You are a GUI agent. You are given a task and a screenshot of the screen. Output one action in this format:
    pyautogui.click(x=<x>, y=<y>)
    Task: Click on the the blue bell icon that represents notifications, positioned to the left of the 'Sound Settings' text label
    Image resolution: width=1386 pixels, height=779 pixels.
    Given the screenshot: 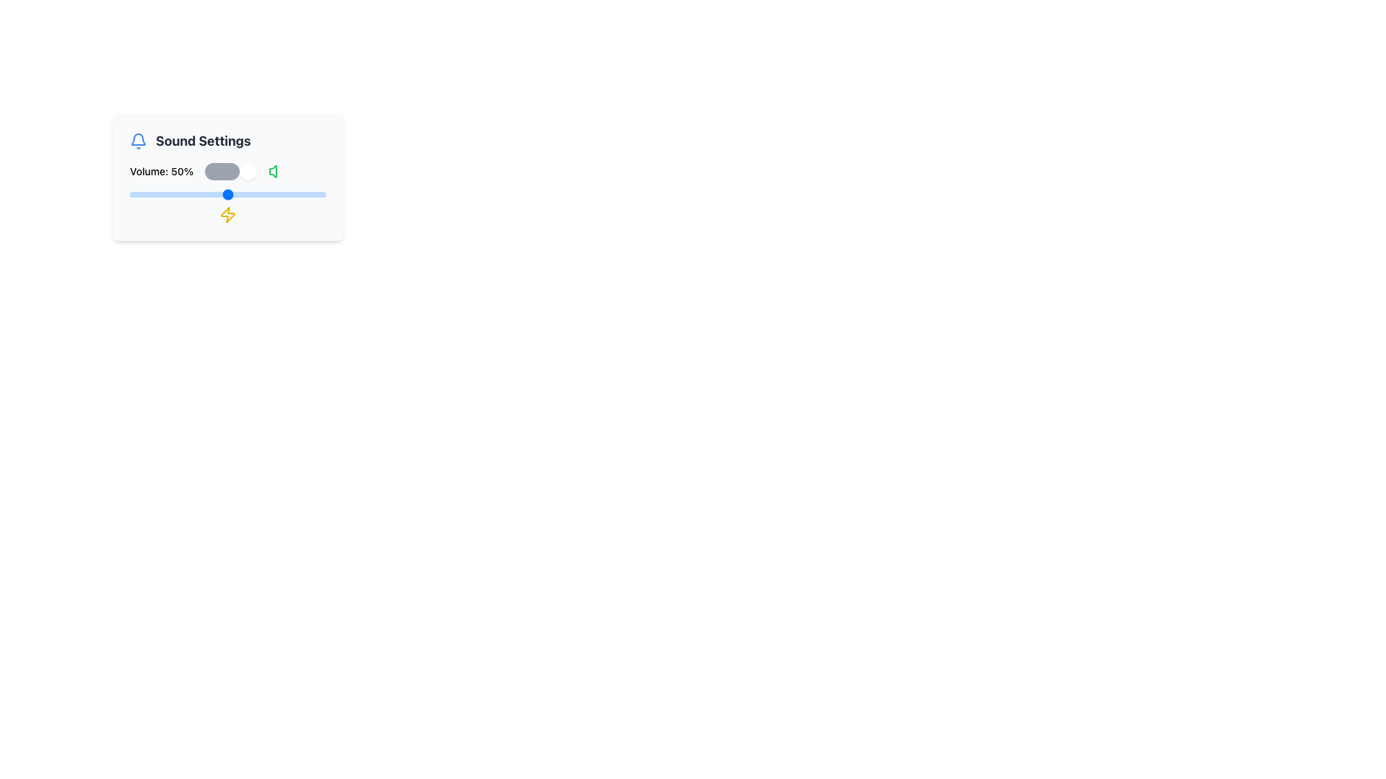 What is the action you would take?
    pyautogui.click(x=139, y=141)
    